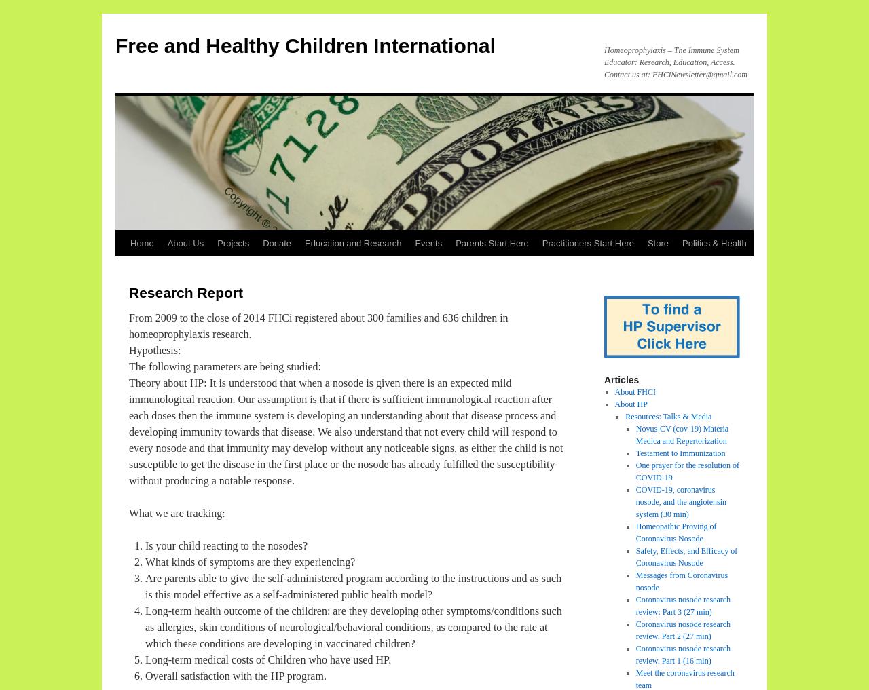 This screenshot has height=690, width=869. I want to click on 'Long-term medical costs of Children who have used HP.', so click(268, 659).